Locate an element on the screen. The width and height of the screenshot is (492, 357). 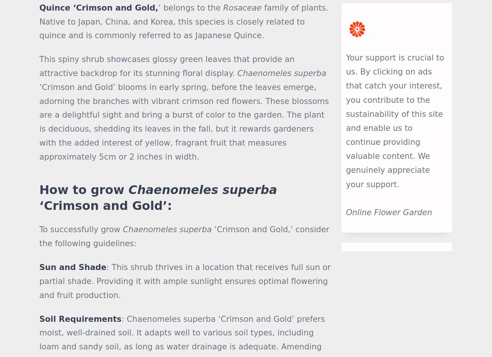
'Cuphea hyssopifolia ‘Cubano ™ Cristo’' is located at coordinates (73, 99).